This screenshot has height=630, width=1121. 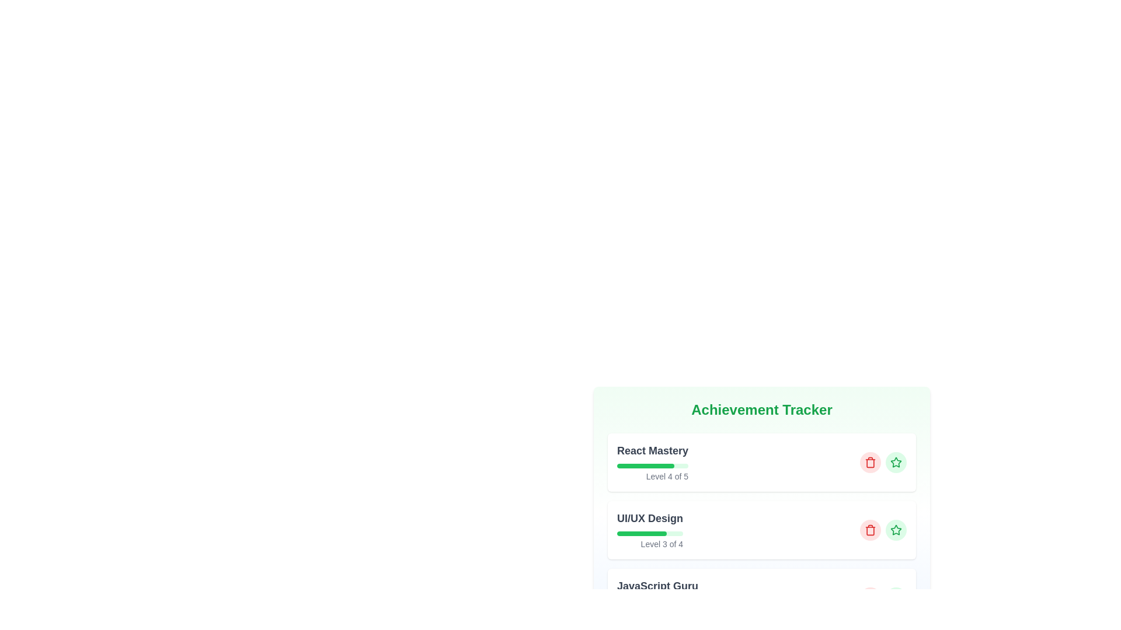 What do you see at coordinates (896, 530) in the screenshot?
I see `the circular button with a green star icon by` at bounding box center [896, 530].